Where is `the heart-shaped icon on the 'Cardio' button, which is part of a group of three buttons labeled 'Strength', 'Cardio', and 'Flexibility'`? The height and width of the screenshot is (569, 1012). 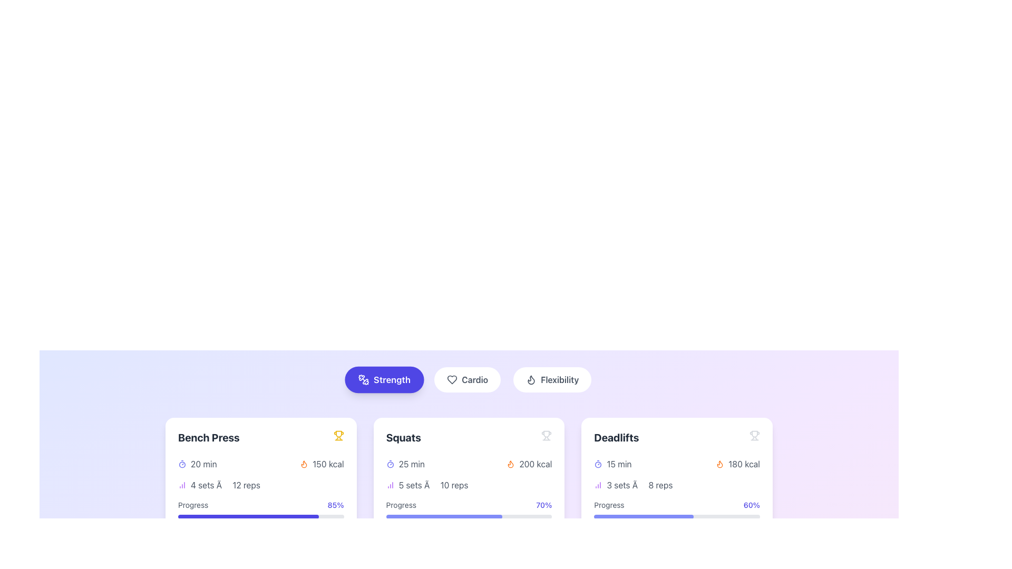 the heart-shaped icon on the 'Cardio' button, which is part of a group of three buttons labeled 'Strength', 'Cardio', and 'Flexibility' is located at coordinates (452, 380).